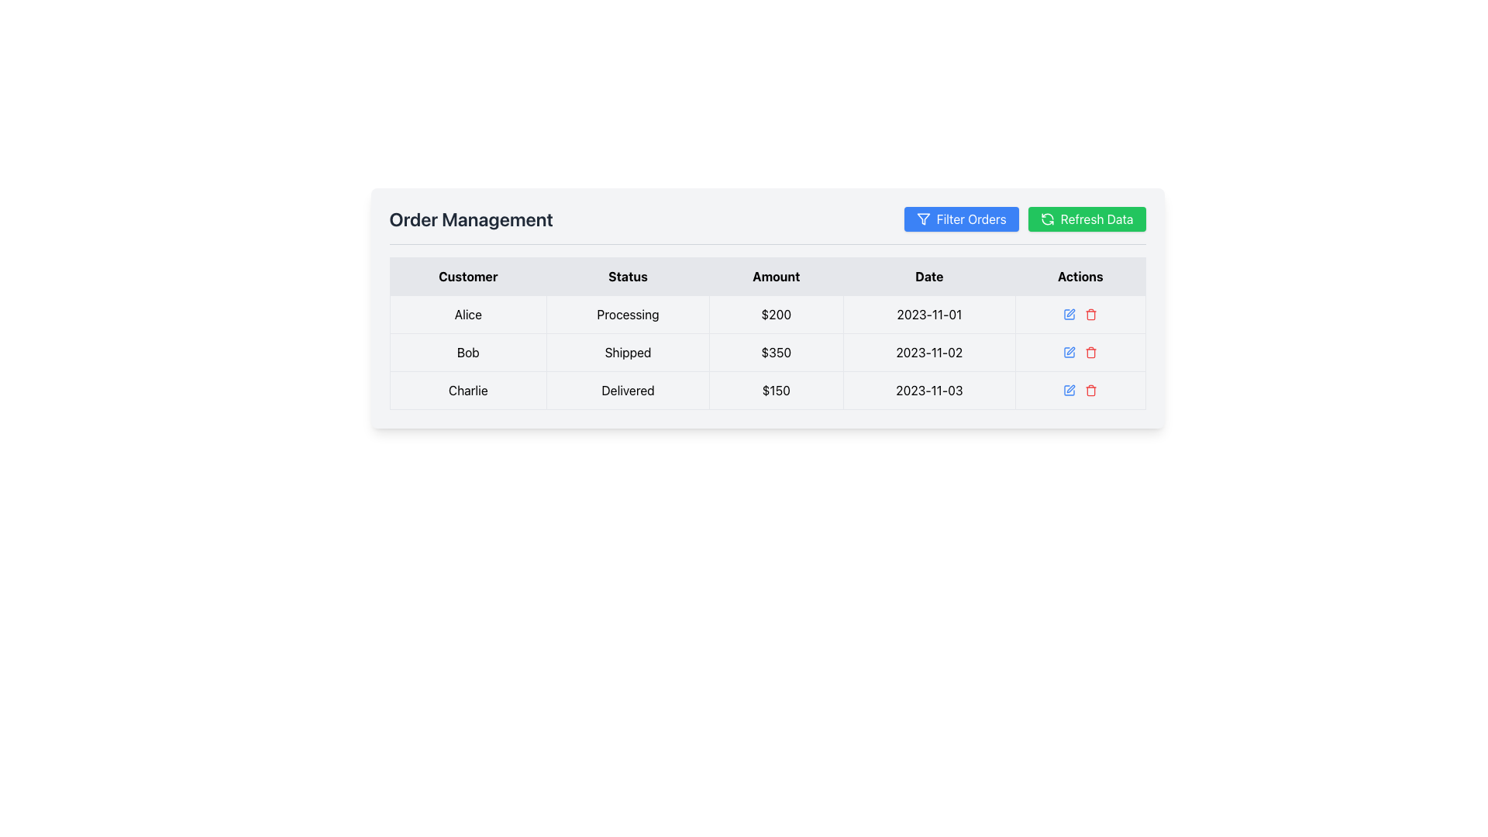 This screenshot has width=1488, height=837. What do you see at coordinates (467, 276) in the screenshot?
I see `the 'Customer' column header in the table, located at the top-left of the tabular layout` at bounding box center [467, 276].